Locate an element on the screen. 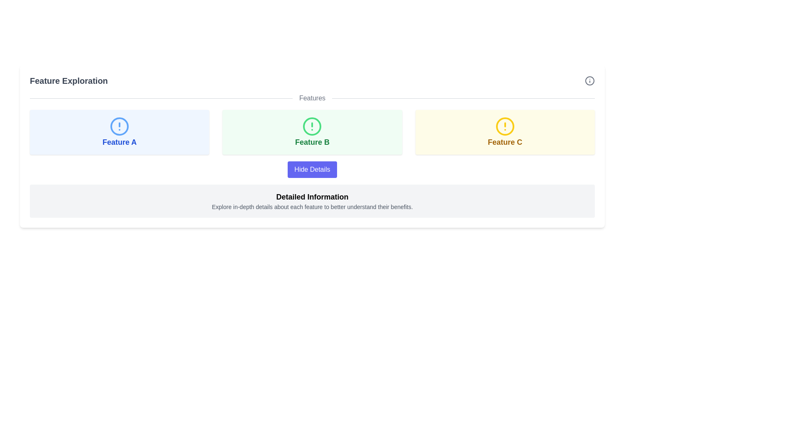 This screenshot has height=448, width=797. the circular icon within the 'Feature A' card, which serves as an alert indicator for notable information is located at coordinates (119, 126).